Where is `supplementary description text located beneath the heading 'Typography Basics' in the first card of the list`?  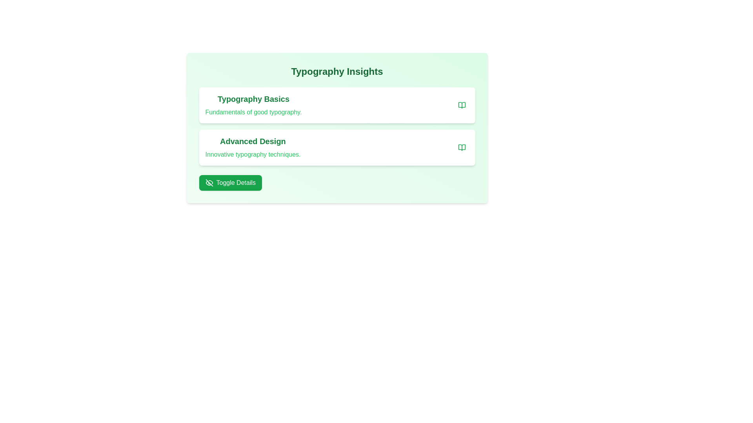
supplementary description text located beneath the heading 'Typography Basics' in the first card of the list is located at coordinates (253, 112).